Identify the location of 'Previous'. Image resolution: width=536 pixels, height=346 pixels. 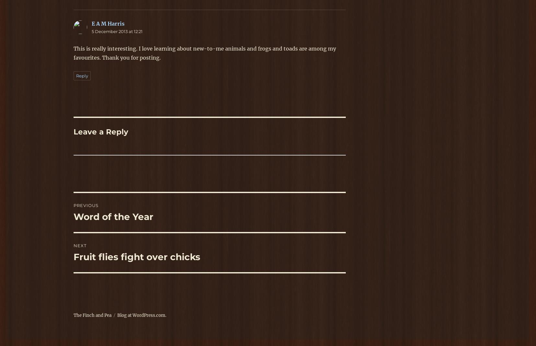
(86, 205).